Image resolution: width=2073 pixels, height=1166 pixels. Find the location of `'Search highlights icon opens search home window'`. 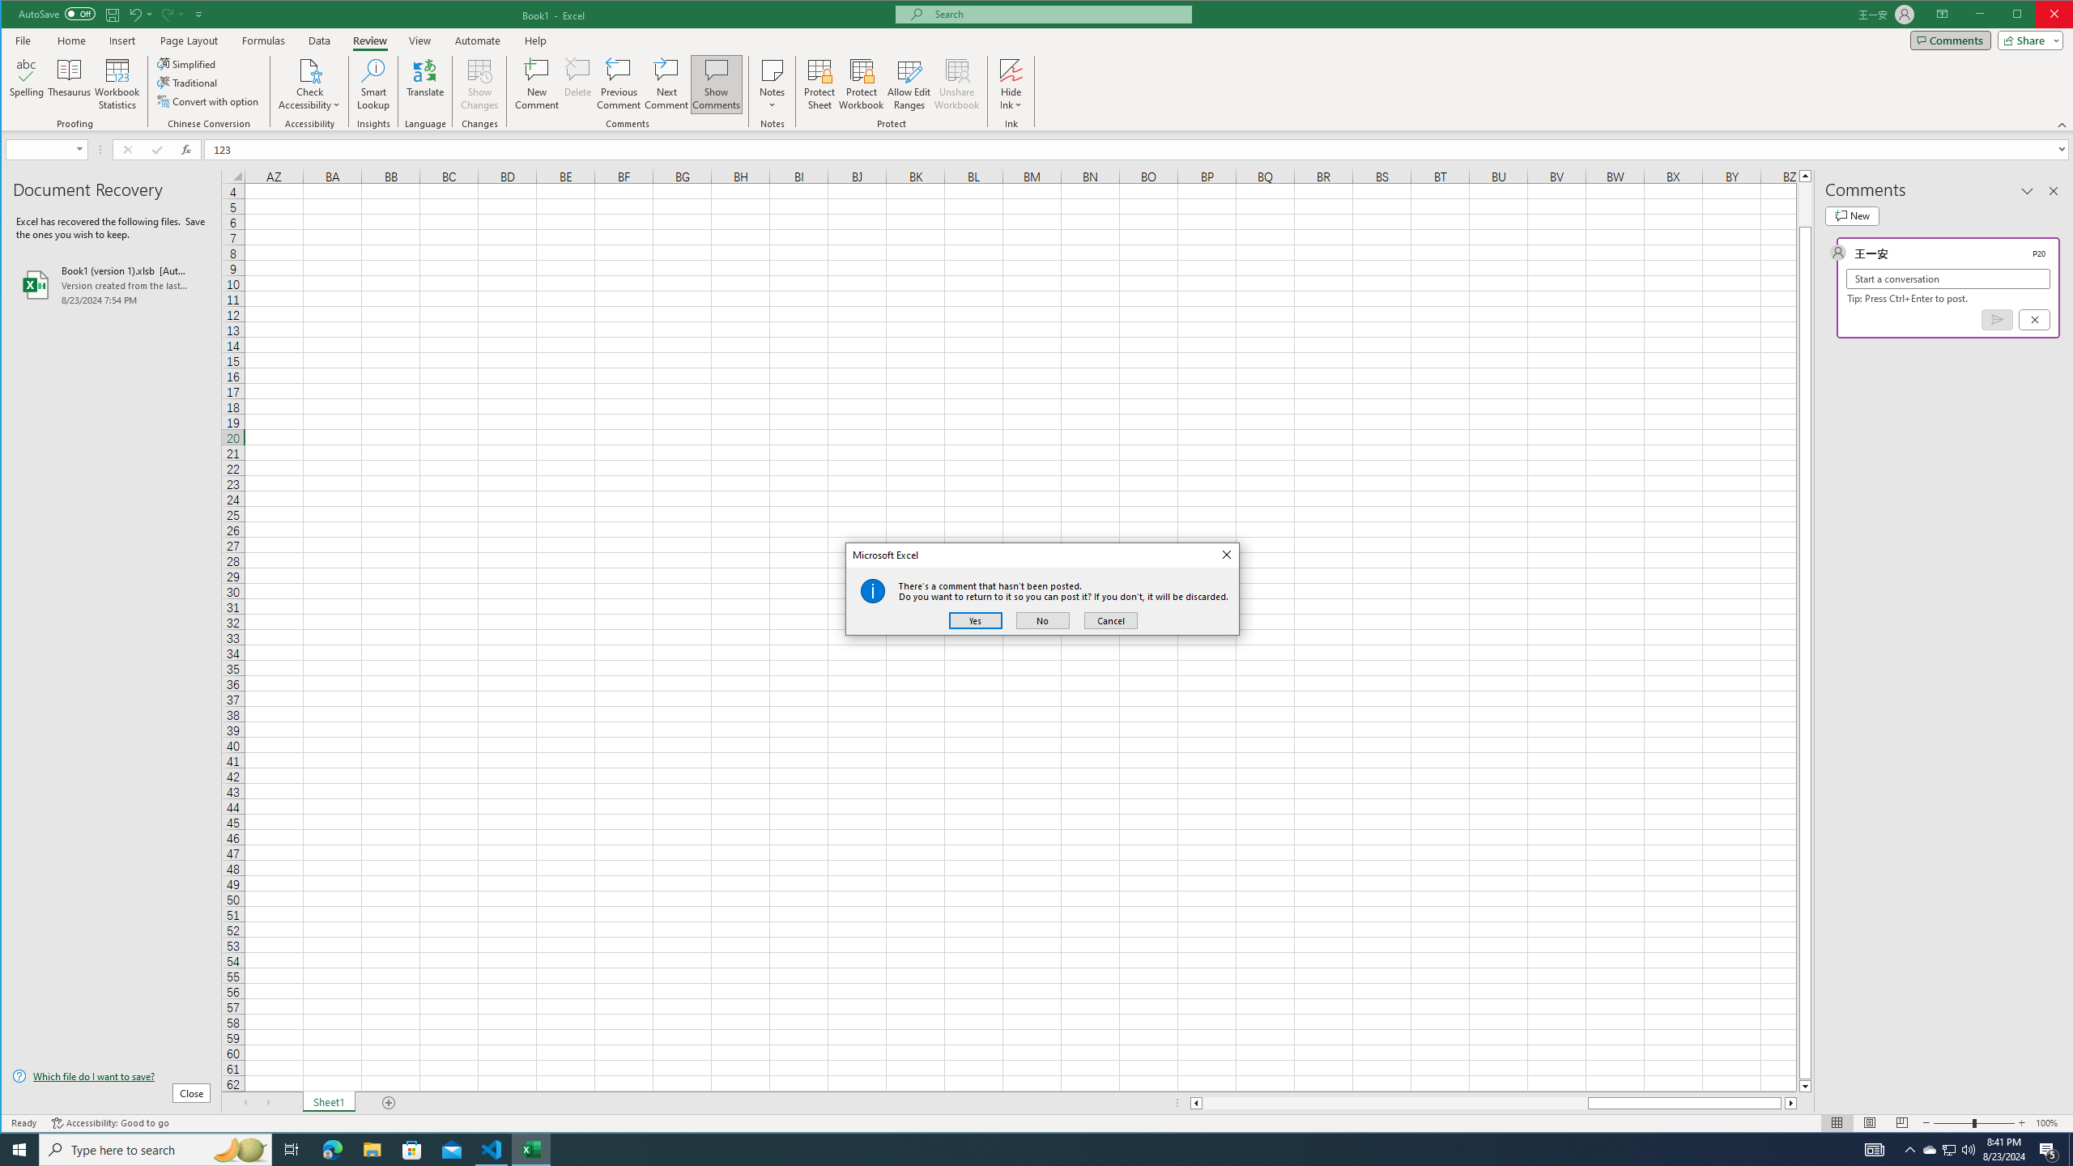

'Search highlights icon opens search home window' is located at coordinates (238, 1148).